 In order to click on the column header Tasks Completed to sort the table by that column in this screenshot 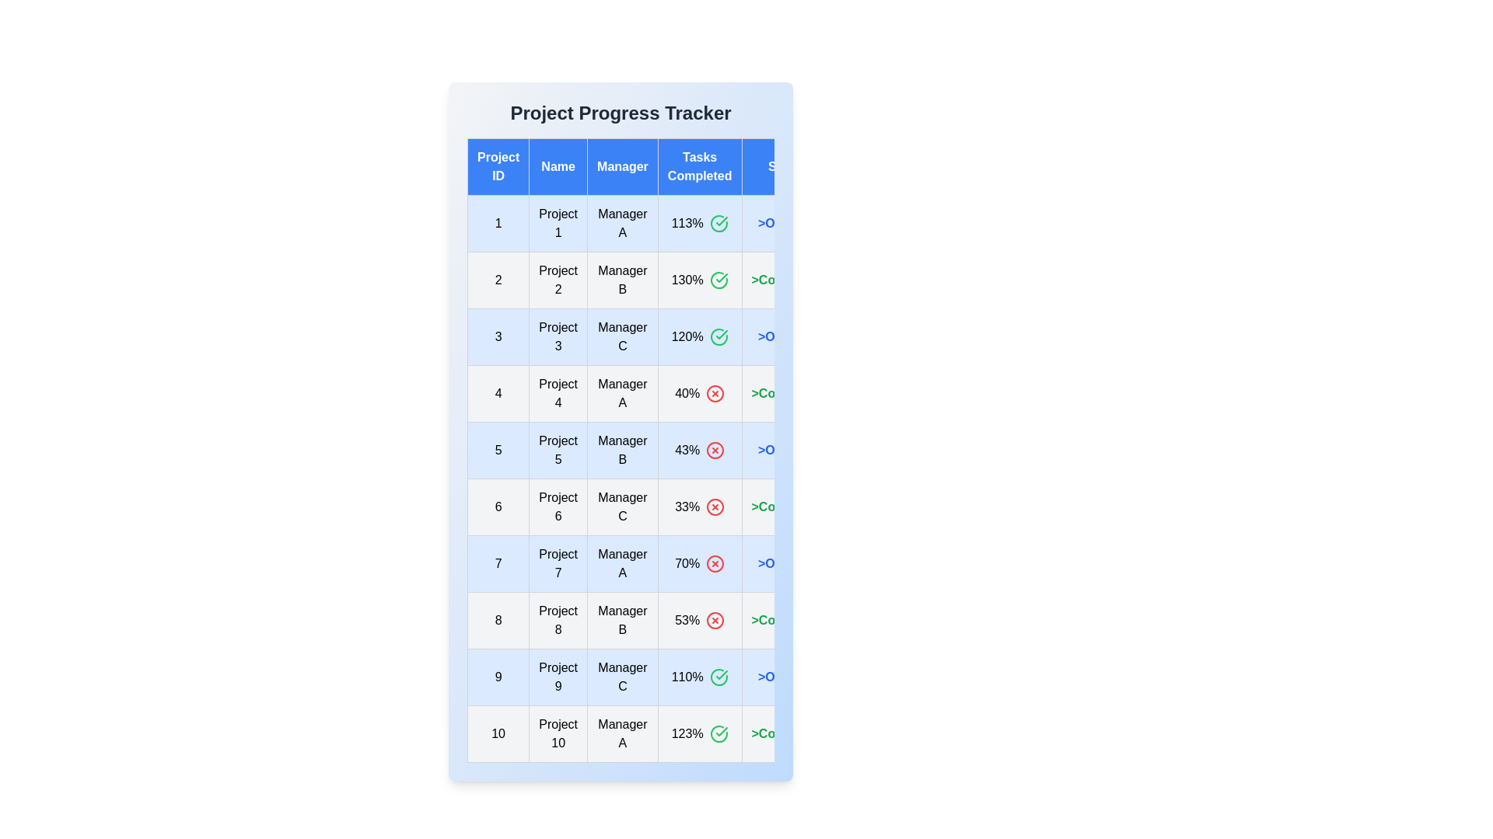, I will do `click(699, 167)`.